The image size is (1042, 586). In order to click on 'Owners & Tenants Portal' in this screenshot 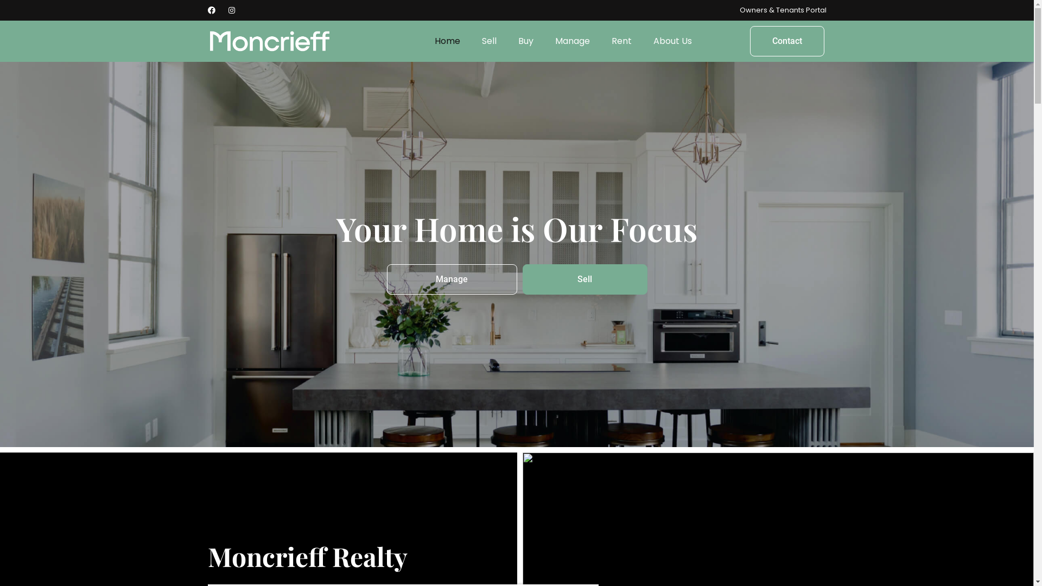, I will do `click(782, 10)`.